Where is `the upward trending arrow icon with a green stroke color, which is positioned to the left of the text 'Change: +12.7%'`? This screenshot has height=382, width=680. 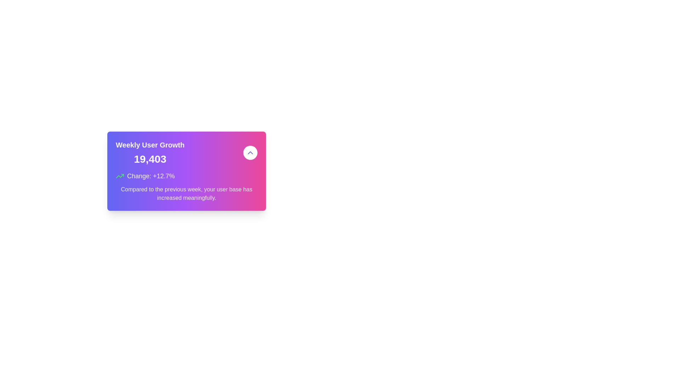
the upward trending arrow icon with a green stroke color, which is positioned to the left of the text 'Change: +12.7%' is located at coordinates (120, 175).